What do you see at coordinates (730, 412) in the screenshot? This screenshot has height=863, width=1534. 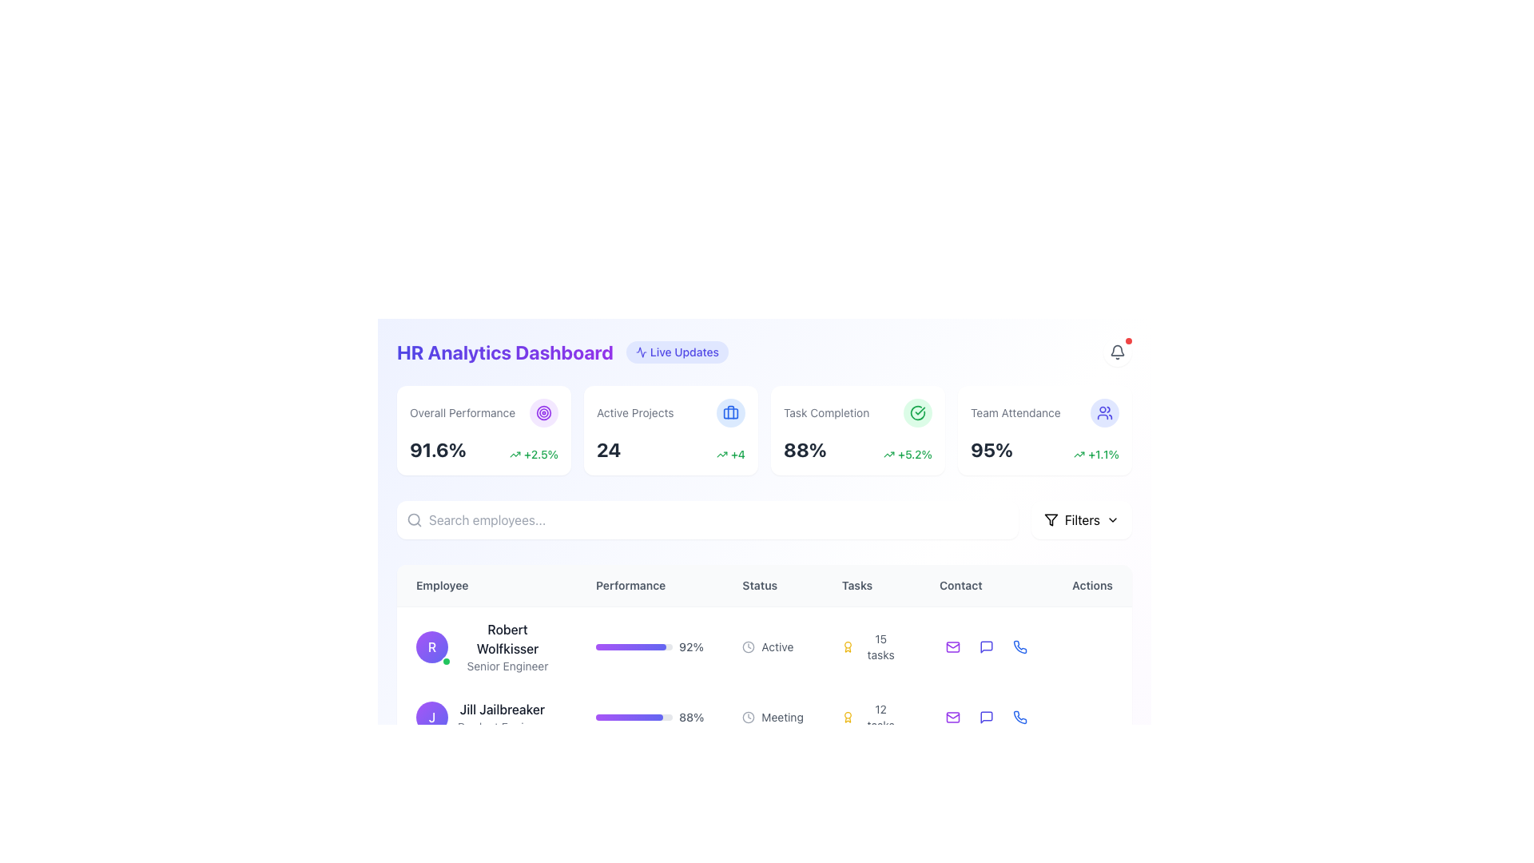 I see `the central vertical line of the briefcase icon located under the 'Active Projects' section on the dashboard` at bounding box center [730, 412].